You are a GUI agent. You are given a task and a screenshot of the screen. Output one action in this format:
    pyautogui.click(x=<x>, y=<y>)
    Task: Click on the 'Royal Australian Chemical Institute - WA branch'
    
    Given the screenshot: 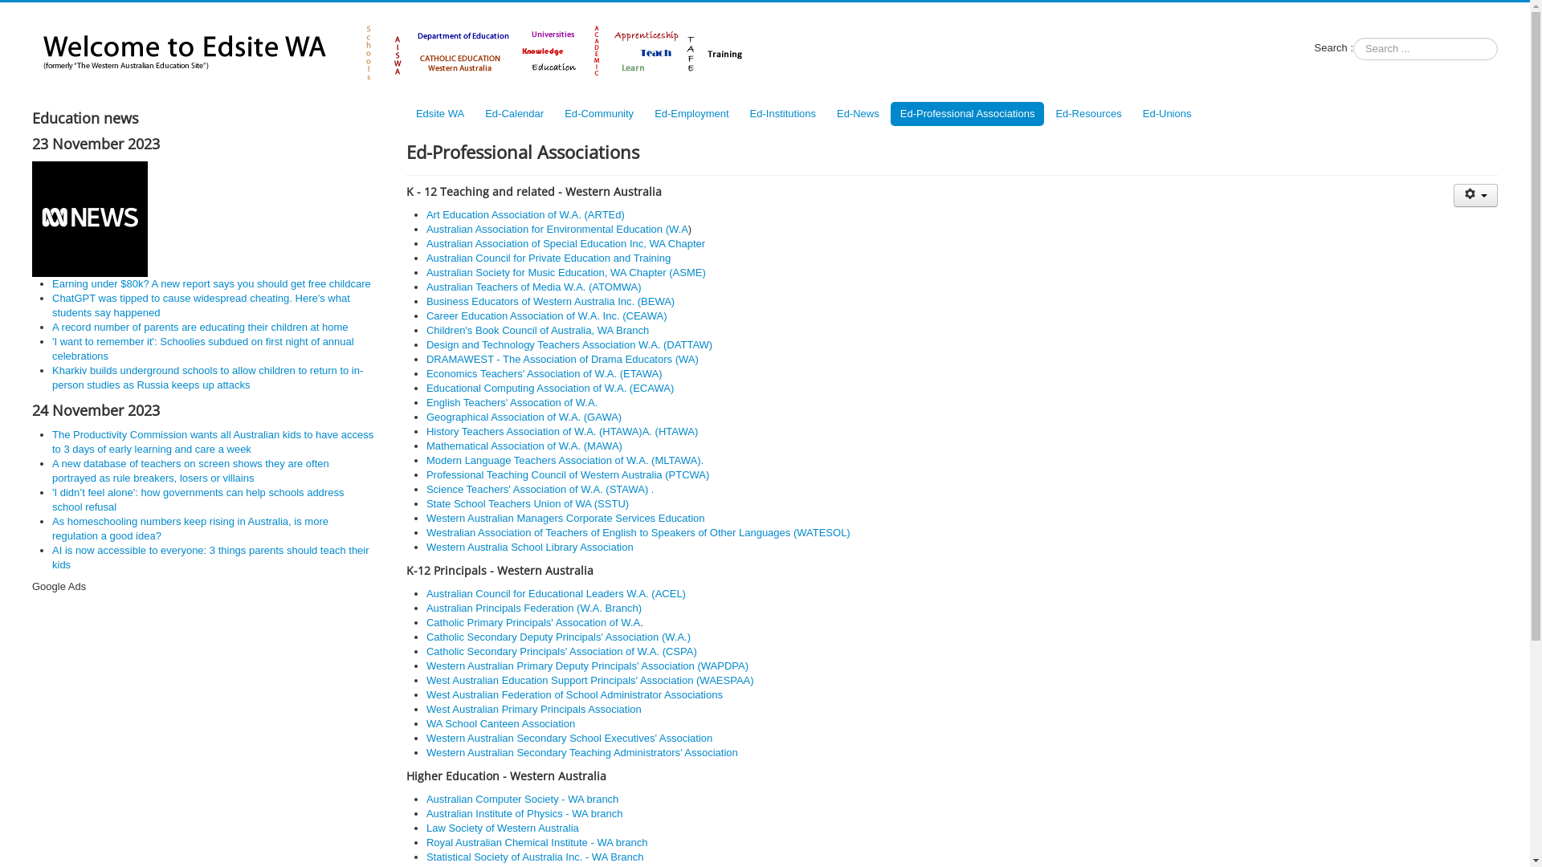 What is the action you would take?
    pyautogui.click(x=426, y=841)
    